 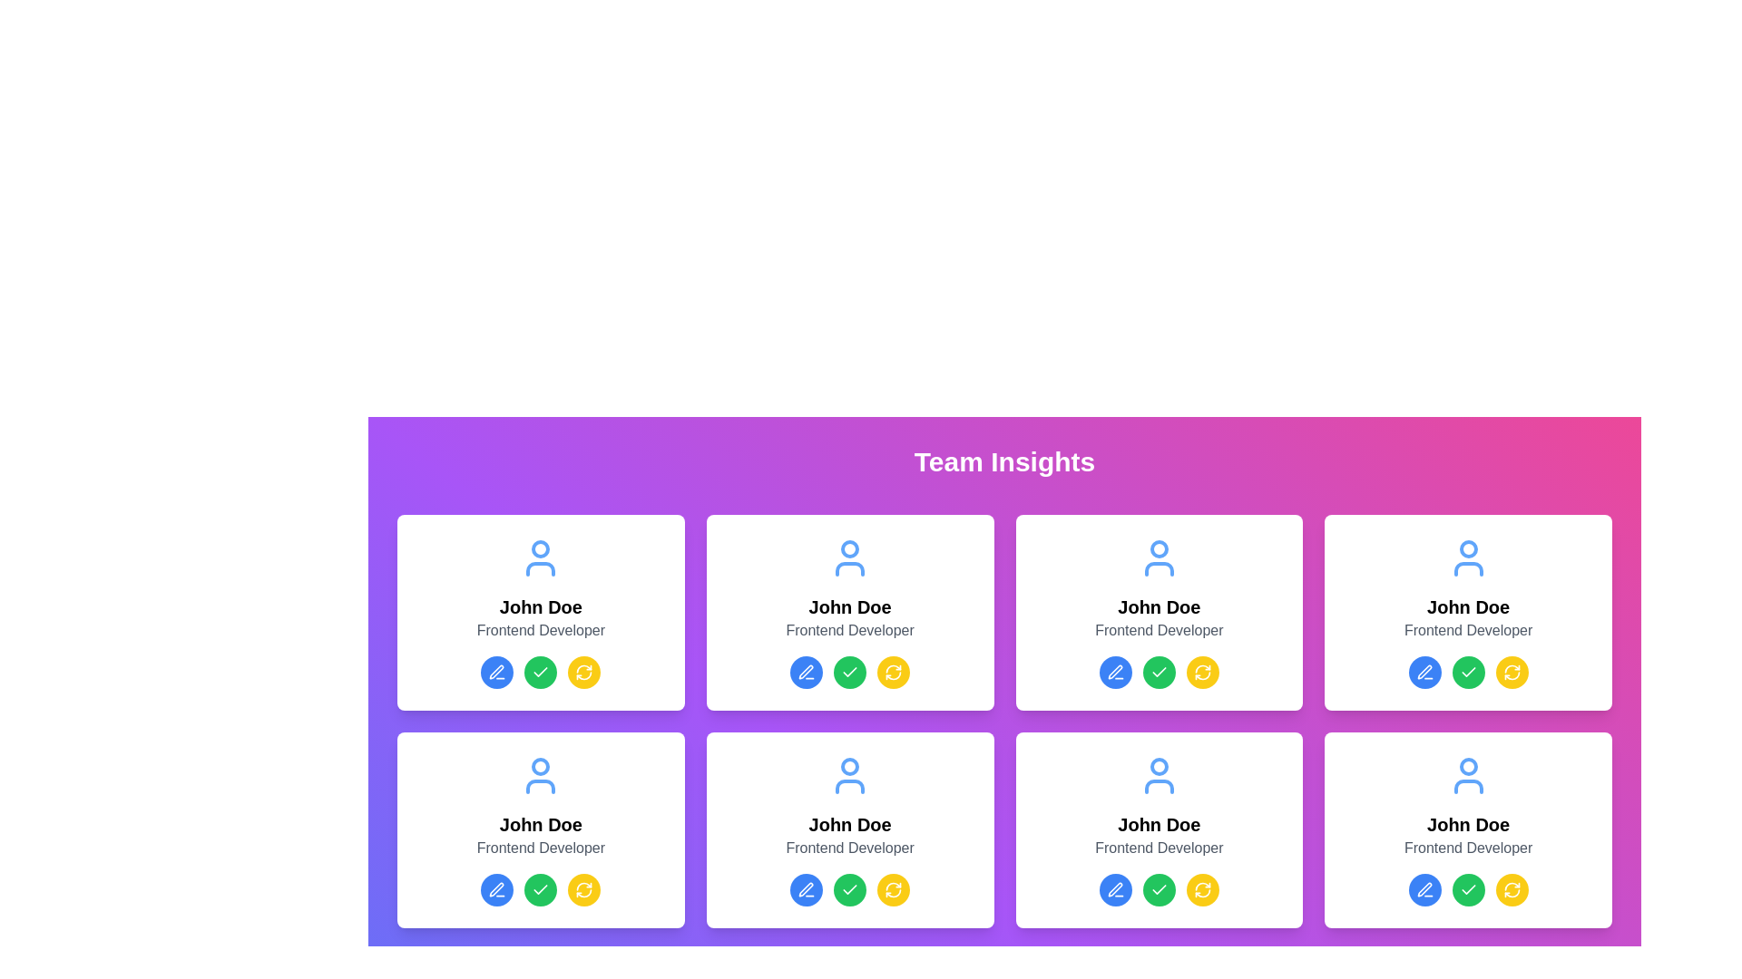 What do you see at coordinates (1424, 889) in the screenshot?
I see `the circular blue button with a white pen icon, which is the leftmost button in the bottom row of three buttons on the second card in the second column` at bounding box center [1424, 889].